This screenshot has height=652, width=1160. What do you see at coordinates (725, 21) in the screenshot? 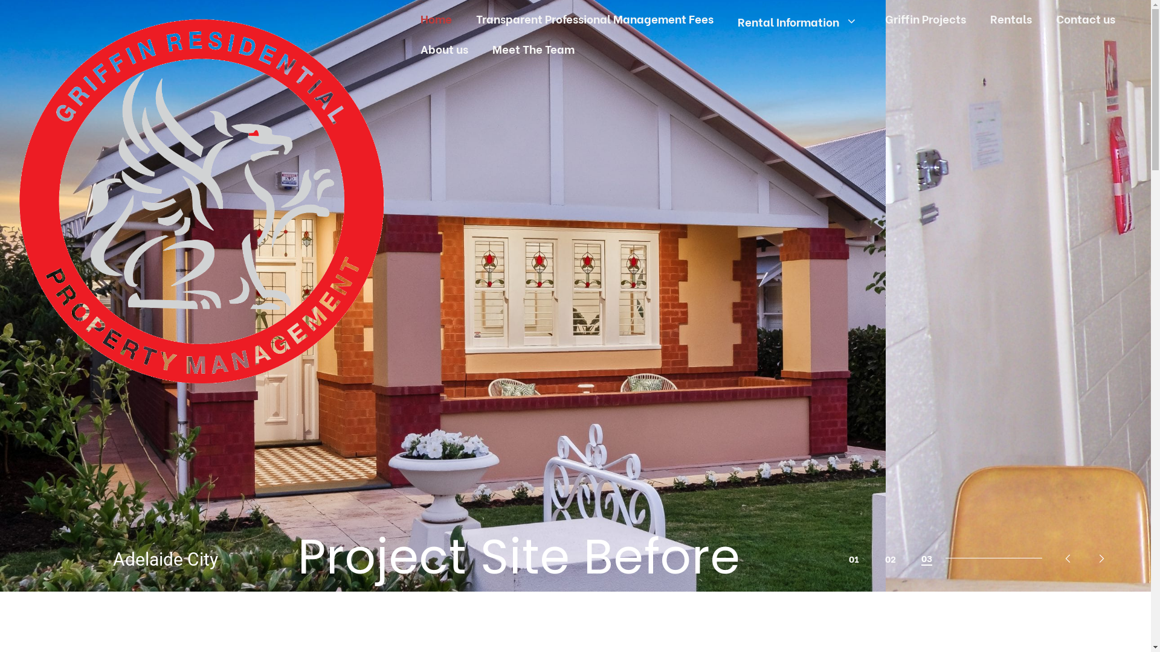
I see `'Rental Information'` at bounding box center [725, 21].